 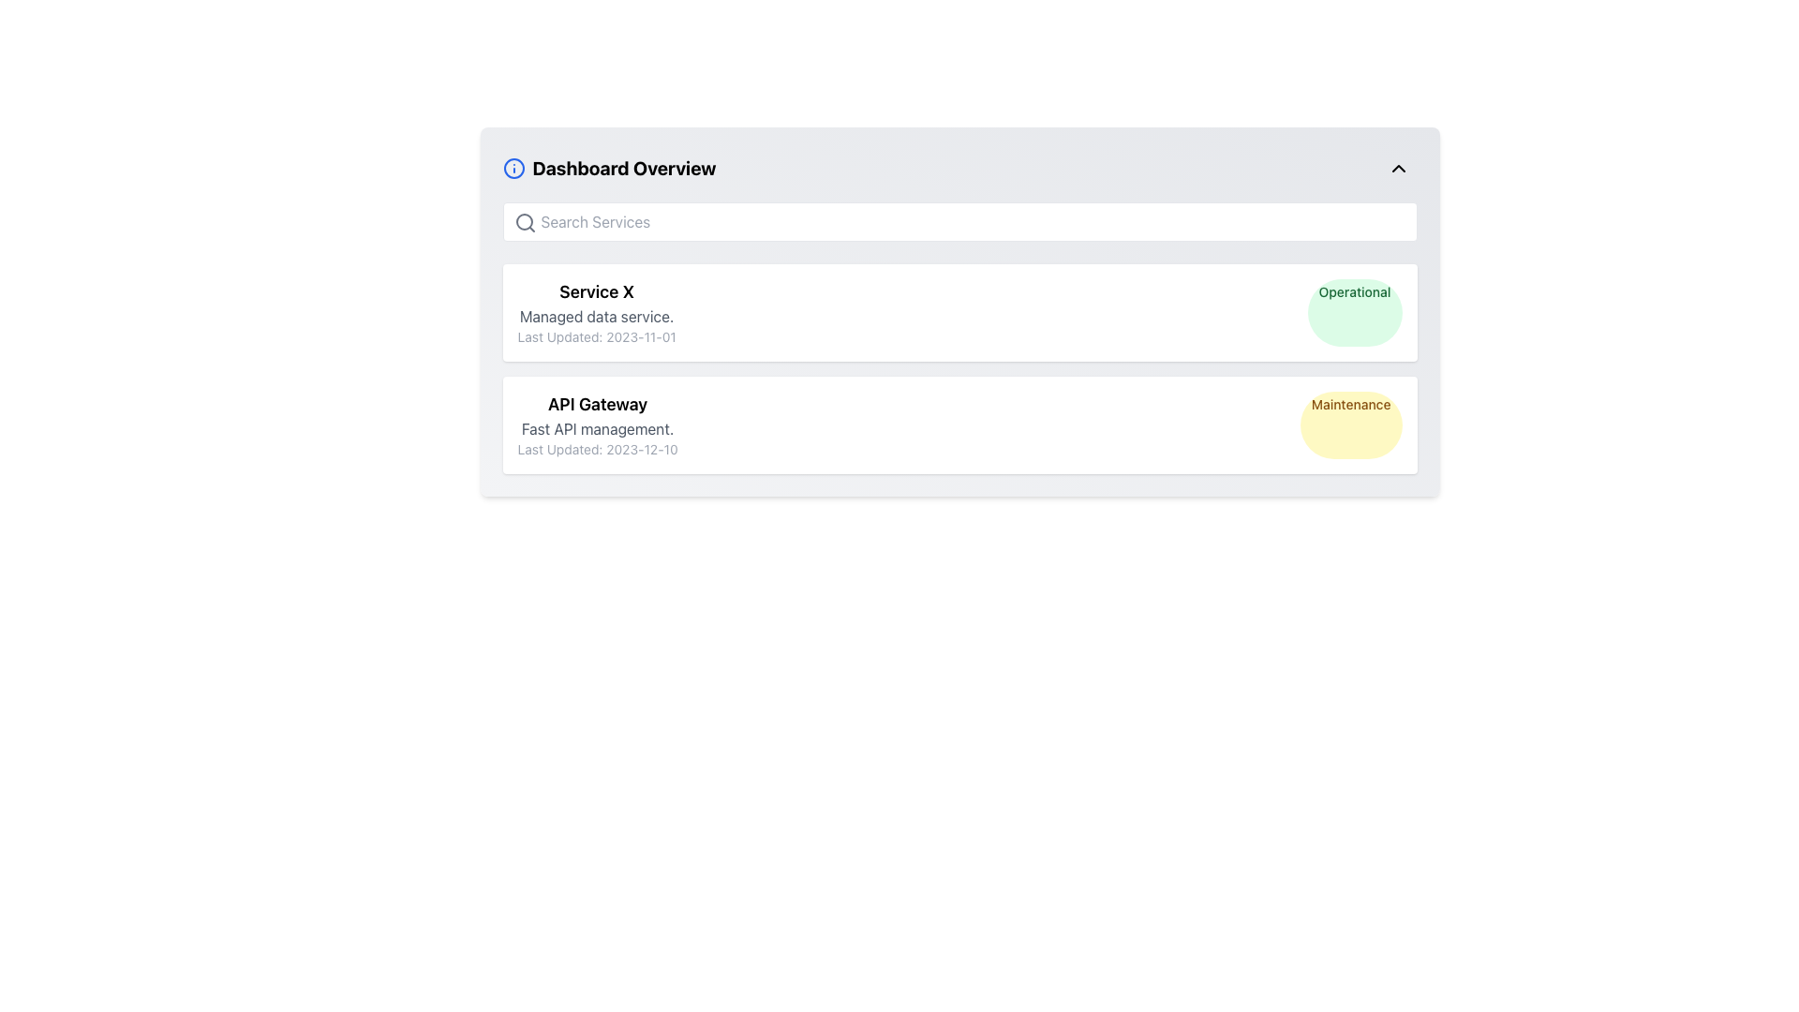 I want to click on the text element displaying 'Fast API management.' which is styled in gray and positioned below the title 'API Gateway', so click(x=597, y=429).